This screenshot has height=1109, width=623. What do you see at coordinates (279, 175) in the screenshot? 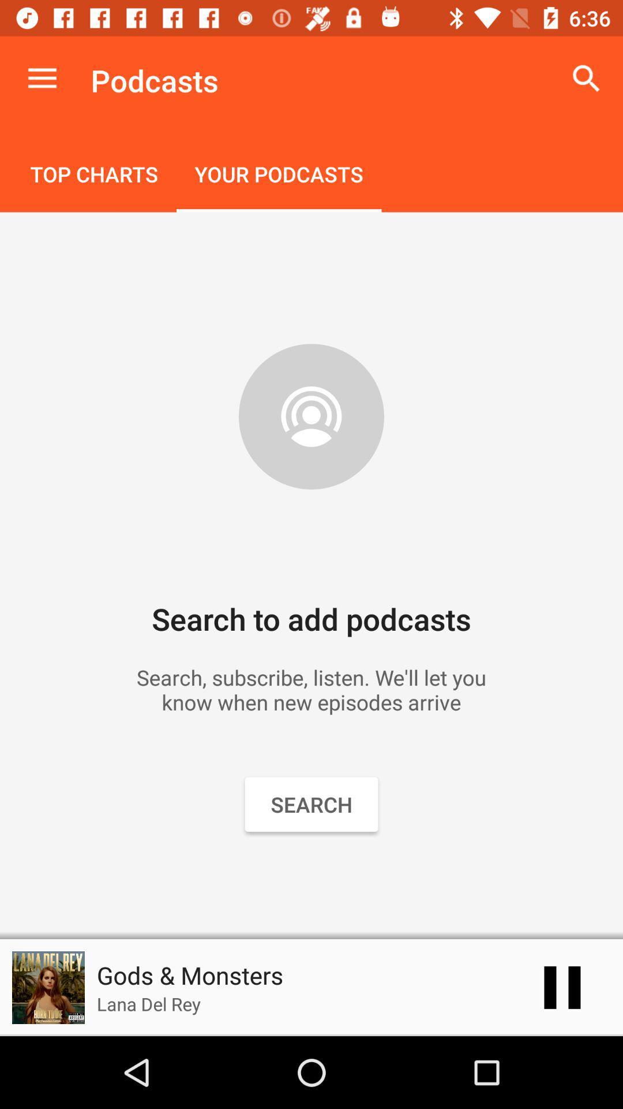
I see `icon to the right of top charts` at bounding box center [279, 175].